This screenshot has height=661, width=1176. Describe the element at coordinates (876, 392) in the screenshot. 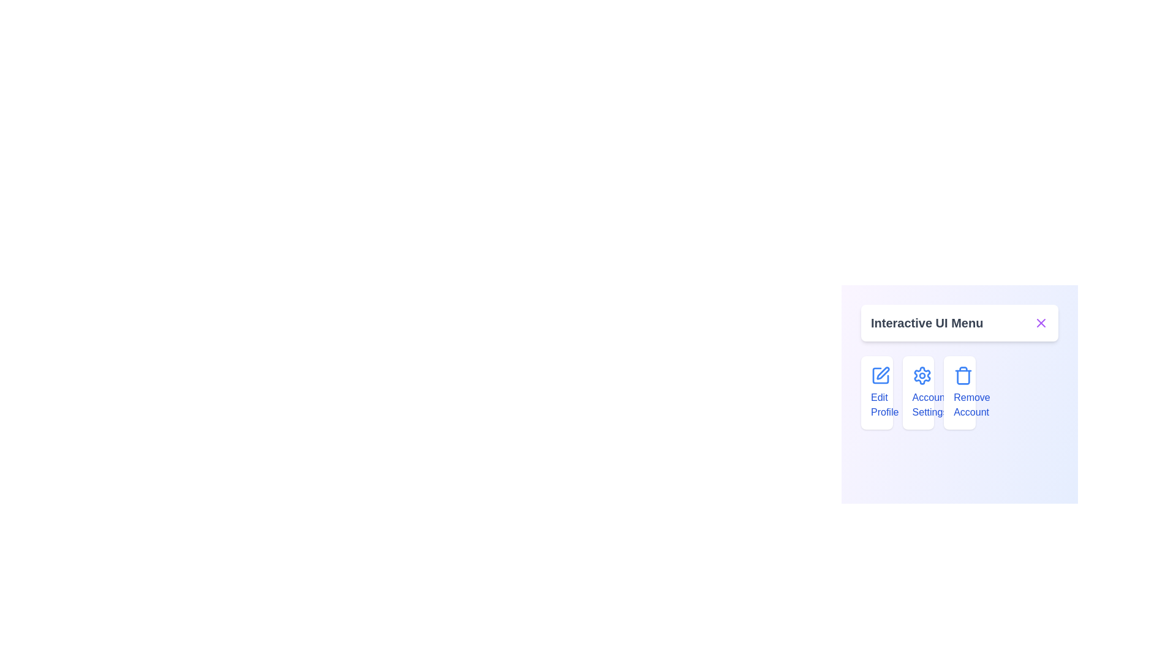

I see `the menu item labeled Edit Profile to observe its hover effect` at that location.